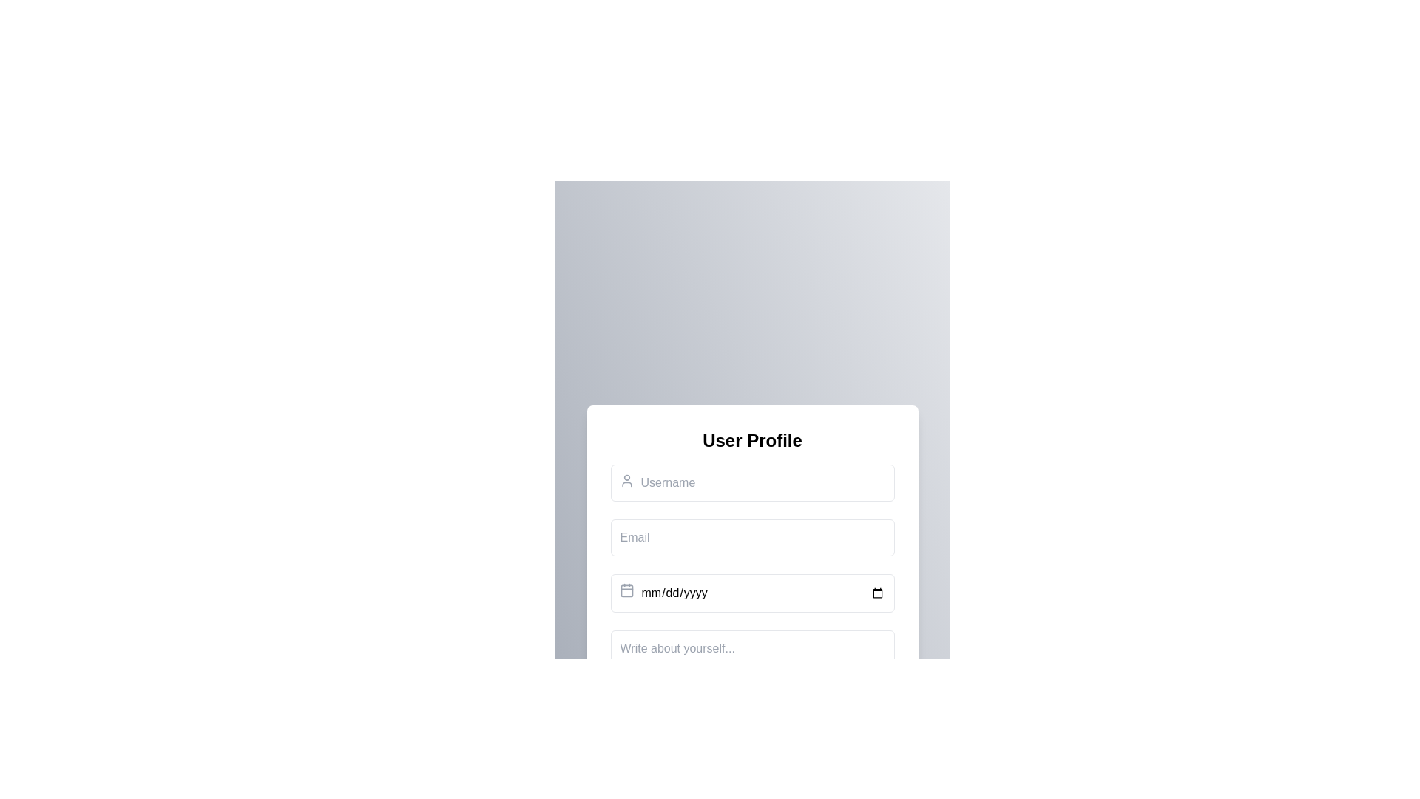  I want to click on the calendar icon located in the upper left corner of the date input field in the user profile section, so click(626, 590).